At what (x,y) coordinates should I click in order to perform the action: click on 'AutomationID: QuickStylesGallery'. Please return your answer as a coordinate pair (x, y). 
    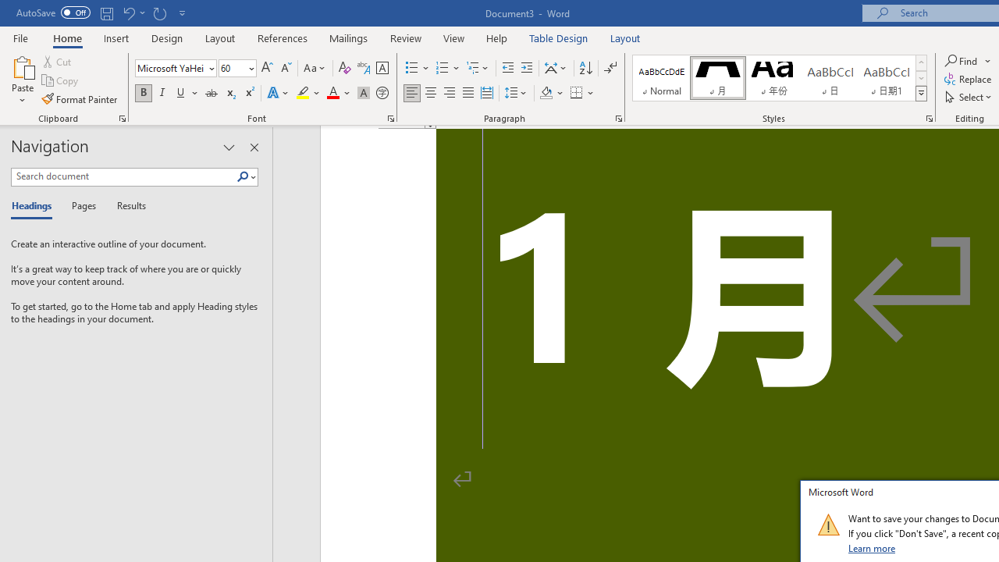
    Looking at the image, I should click on (780, 78).